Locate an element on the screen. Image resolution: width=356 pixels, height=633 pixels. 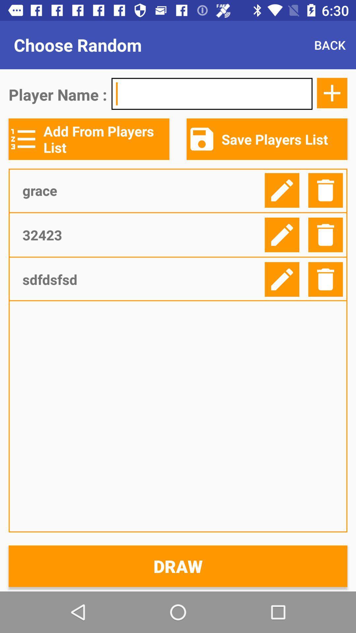
delete list item is located at coordinates (325, 235).